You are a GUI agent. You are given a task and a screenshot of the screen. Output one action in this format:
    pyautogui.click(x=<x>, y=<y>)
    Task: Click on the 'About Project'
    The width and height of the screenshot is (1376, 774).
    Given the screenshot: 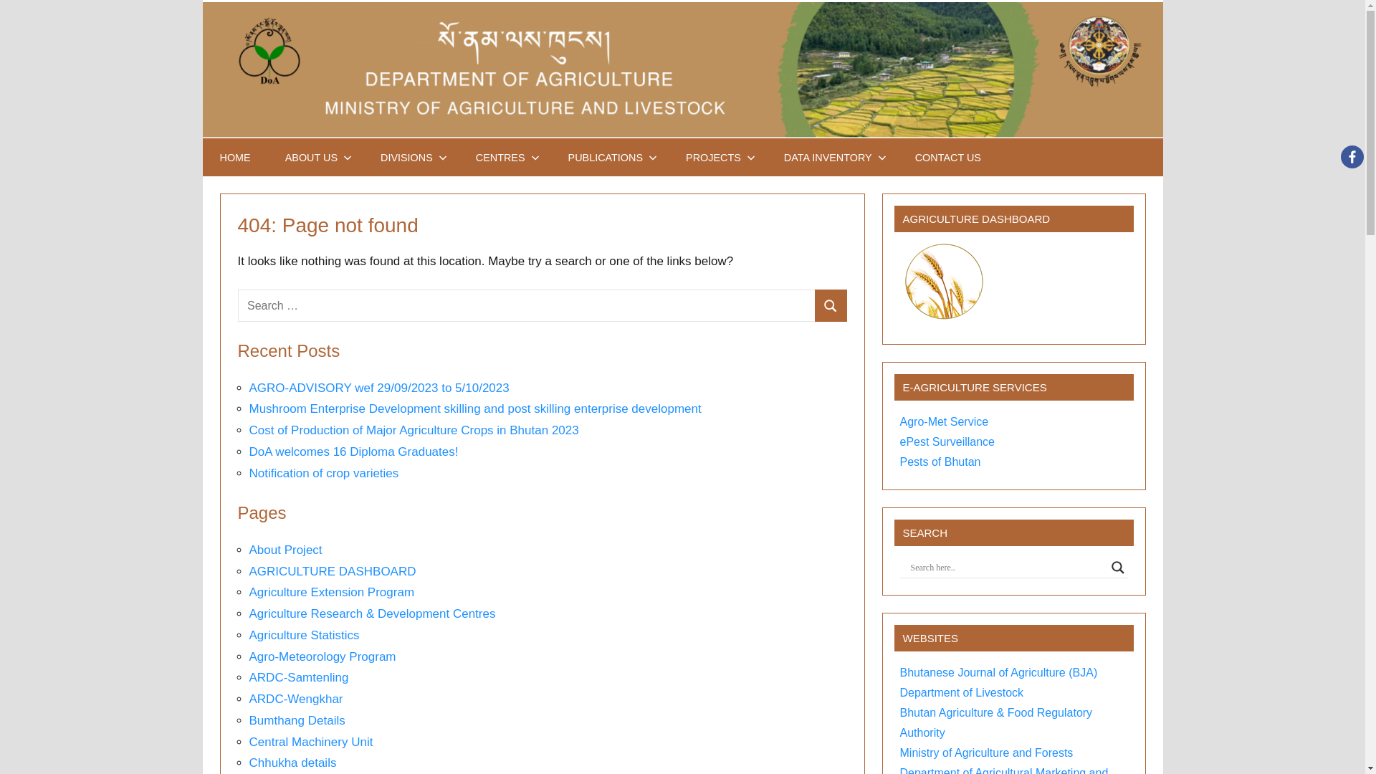 What is the action you would take?
    pyautogui.click(x=285, y=549)
    